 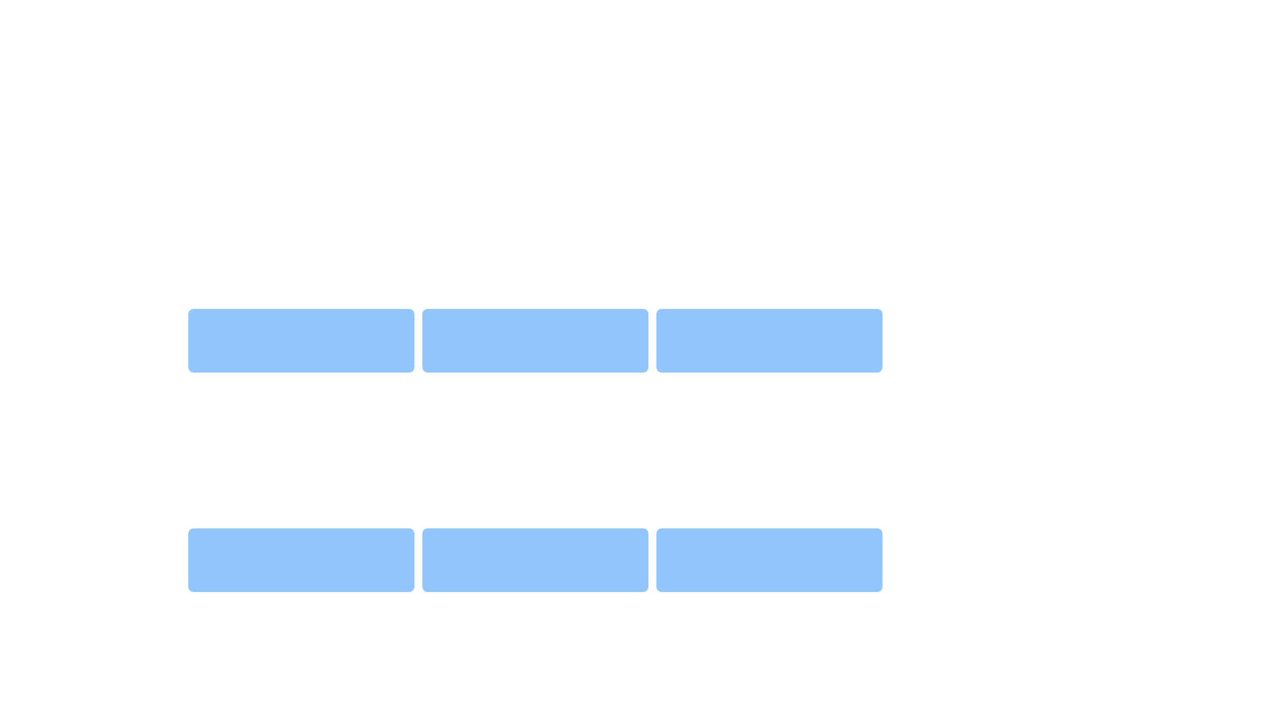 What do you see at coordinates (769, 339) in the screenshot?
I see `the third element in the first row of the grid layout, which is a static visual Rectangle used for aesthetic or organizational purposes` at bounding box center [769, 339].